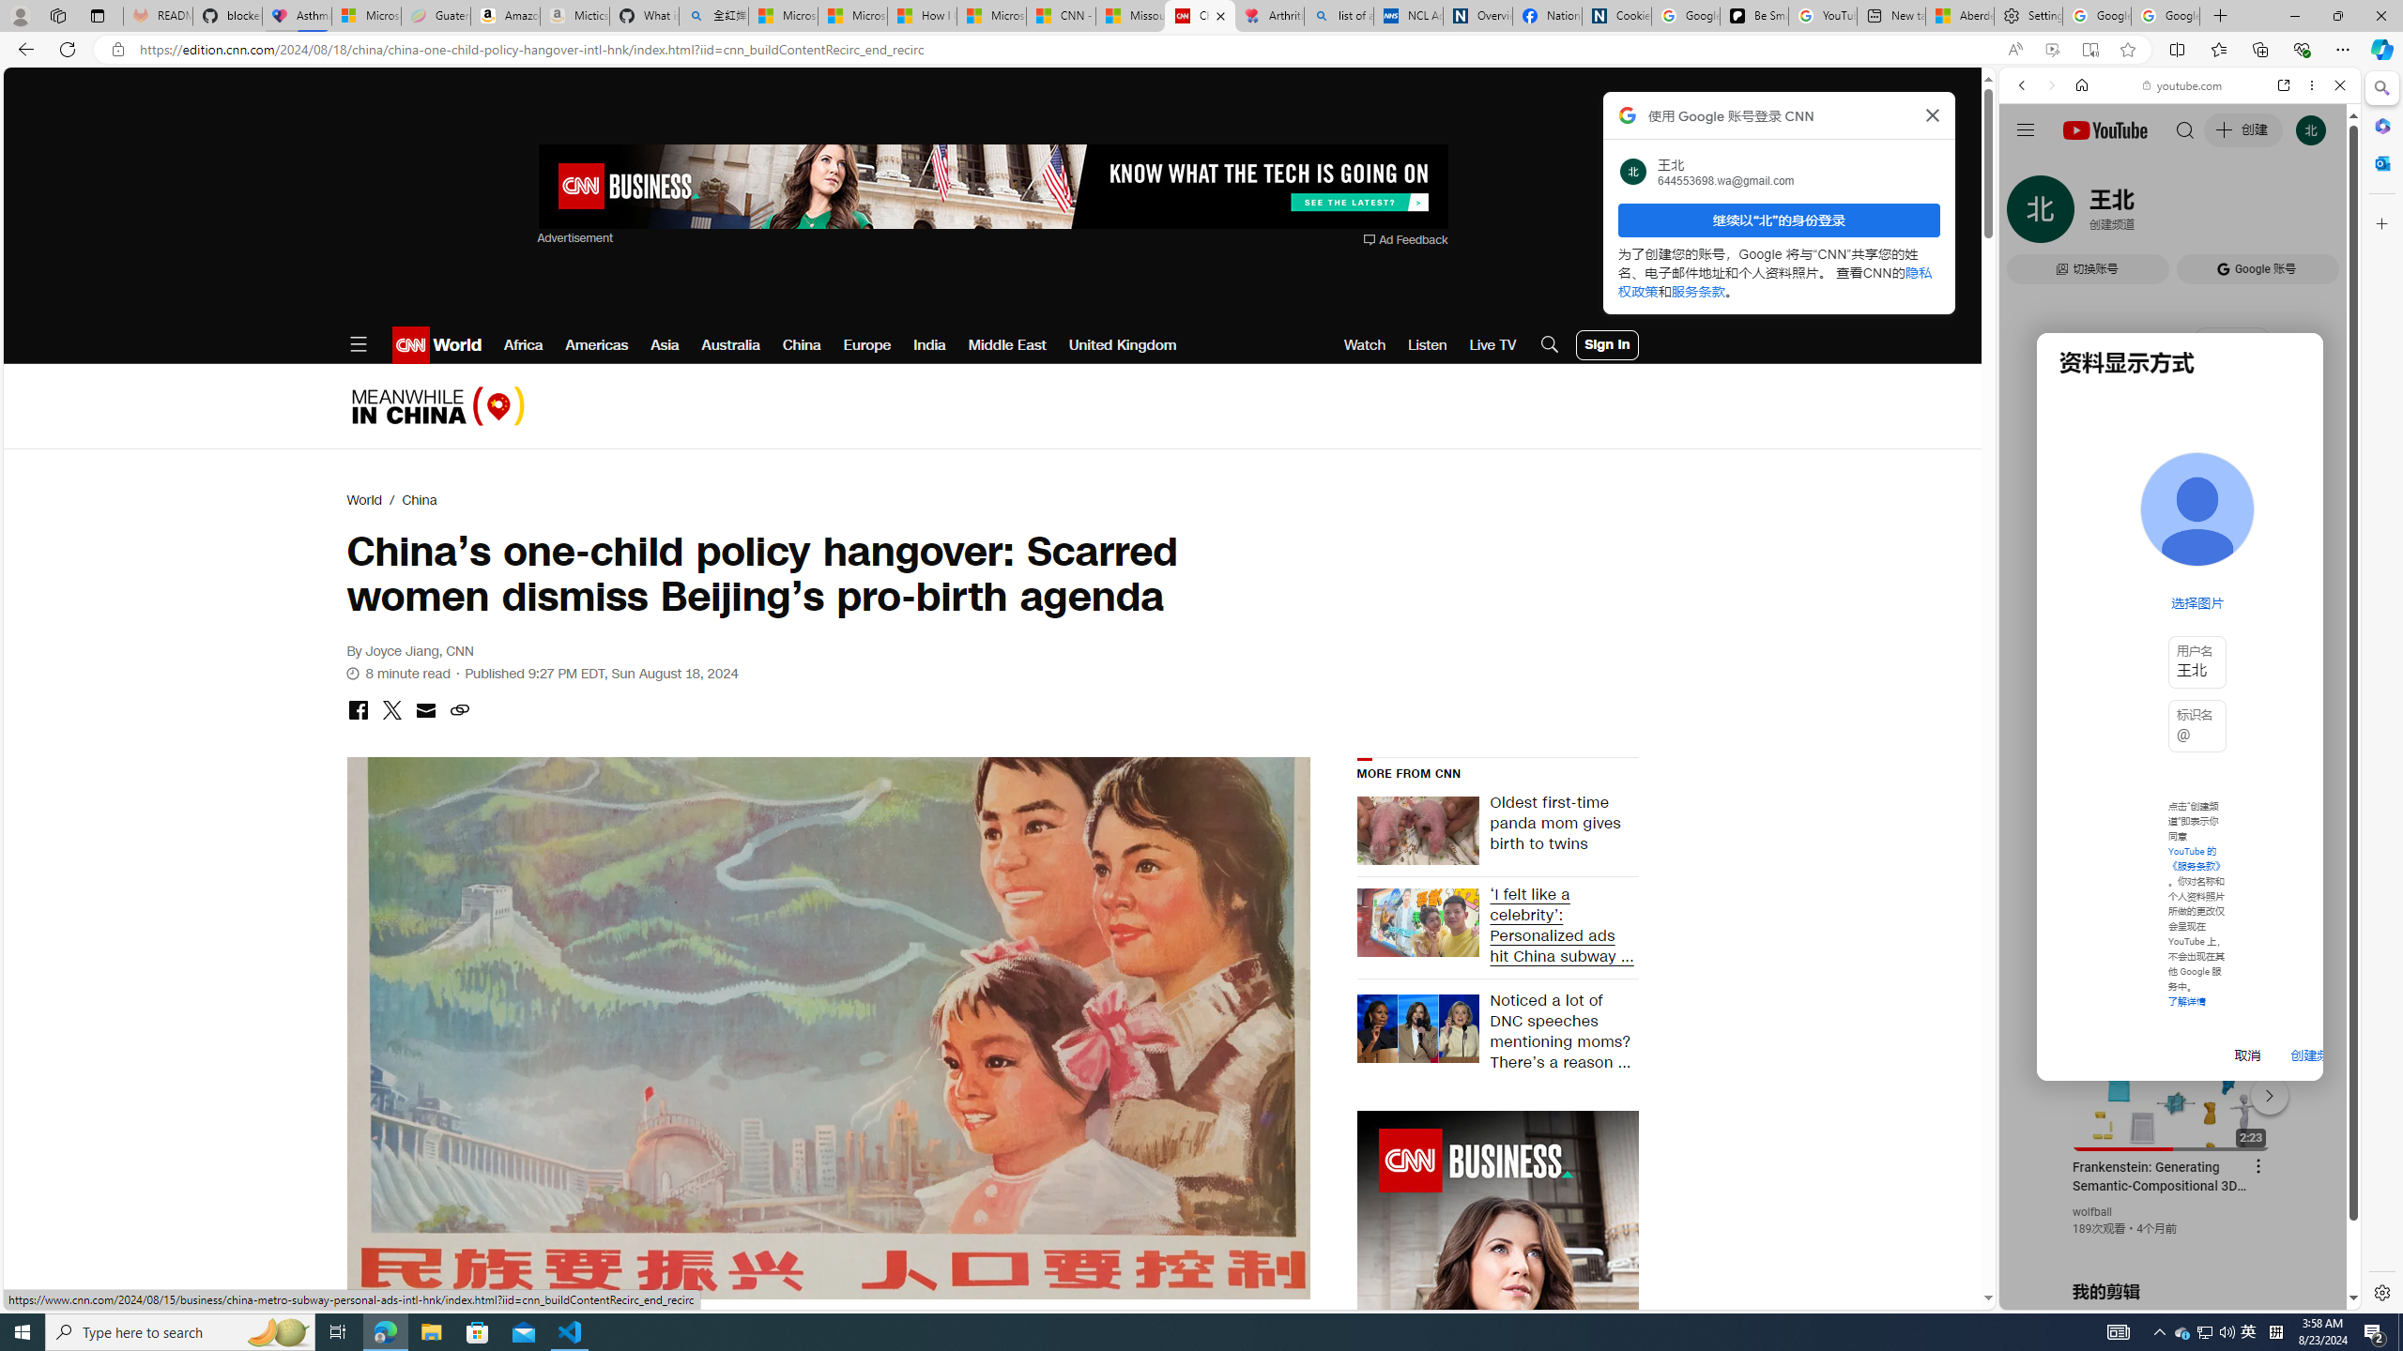  Describe the element at coordinates (458, 711) in the screenshot. I see `'copy link to clipboard'` at that location.